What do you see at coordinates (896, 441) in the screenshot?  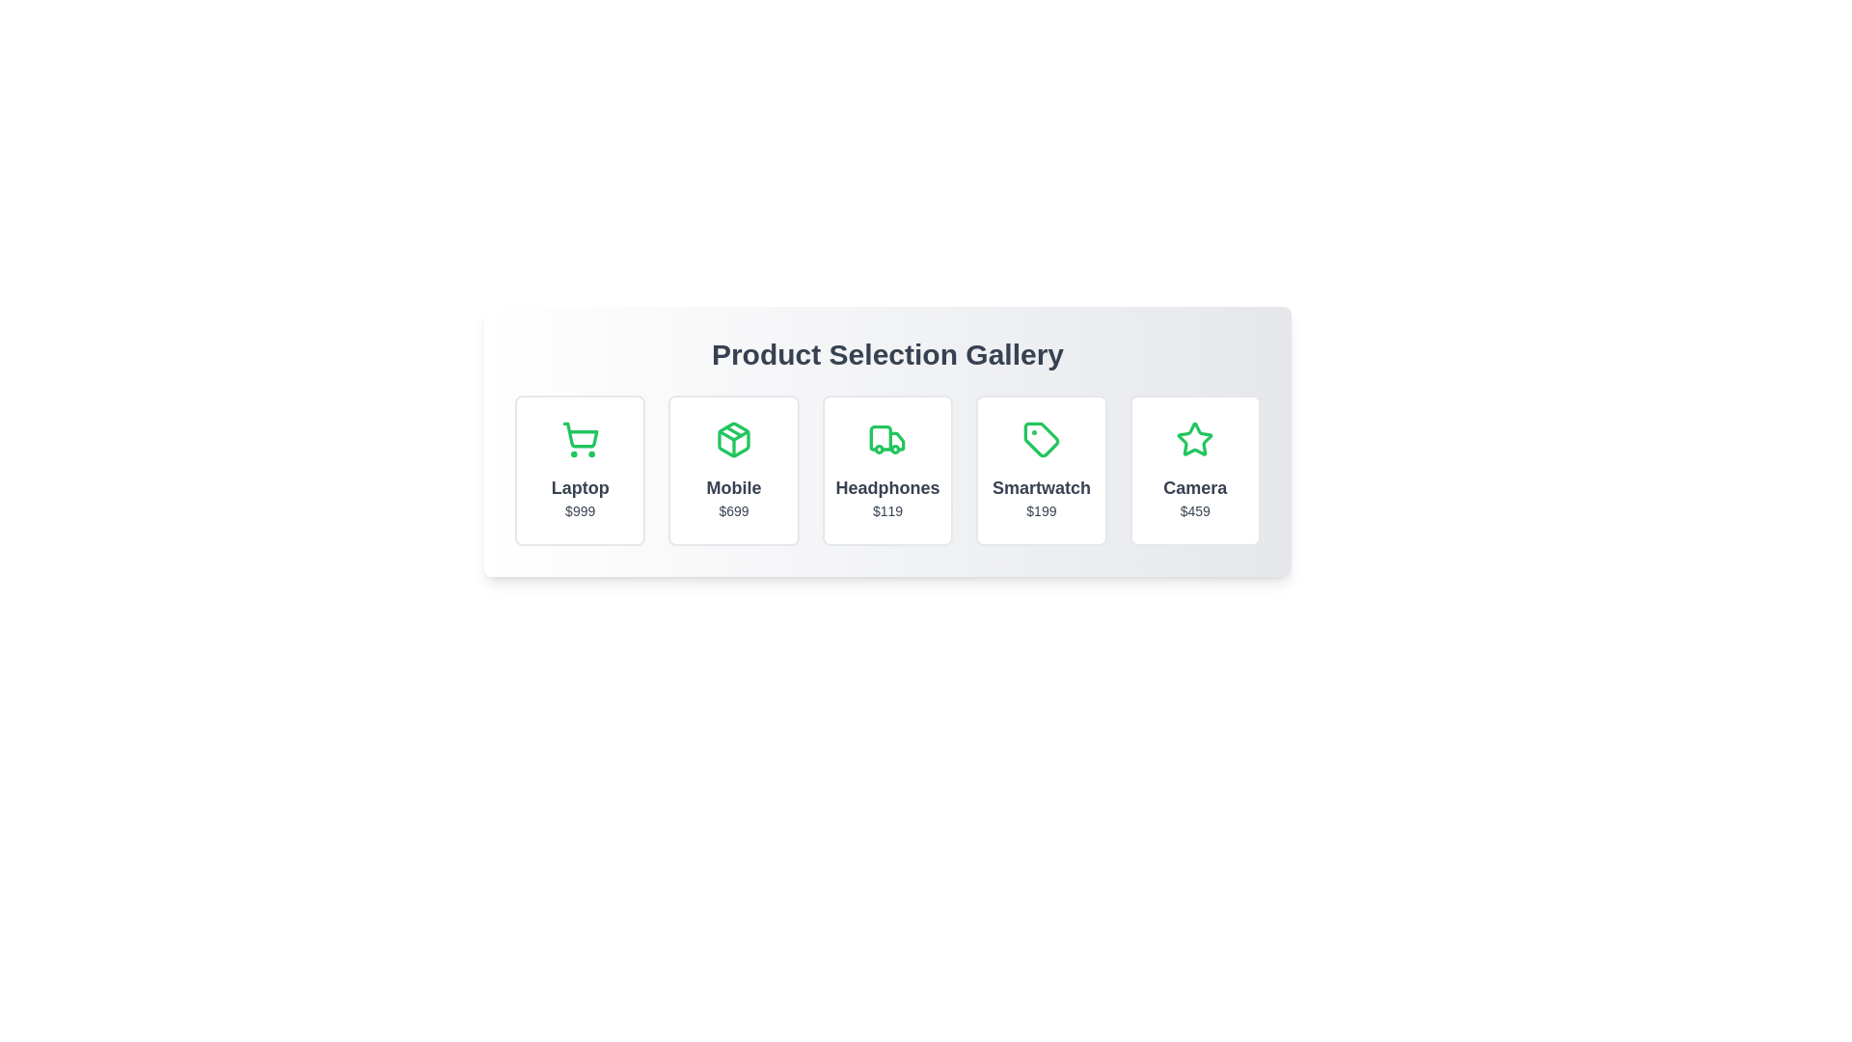 I see `the 'Headphones' icon located in the third card of the 'Product Selection Gallery' interface, which represents delivery or logistics characteristics` at bounding box center [896, 441].